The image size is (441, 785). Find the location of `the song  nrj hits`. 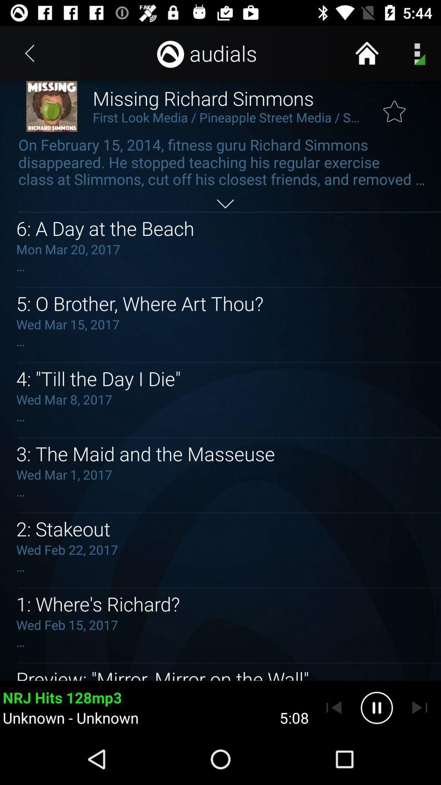

the song  nrj hits is located at coordinates (157, 707).